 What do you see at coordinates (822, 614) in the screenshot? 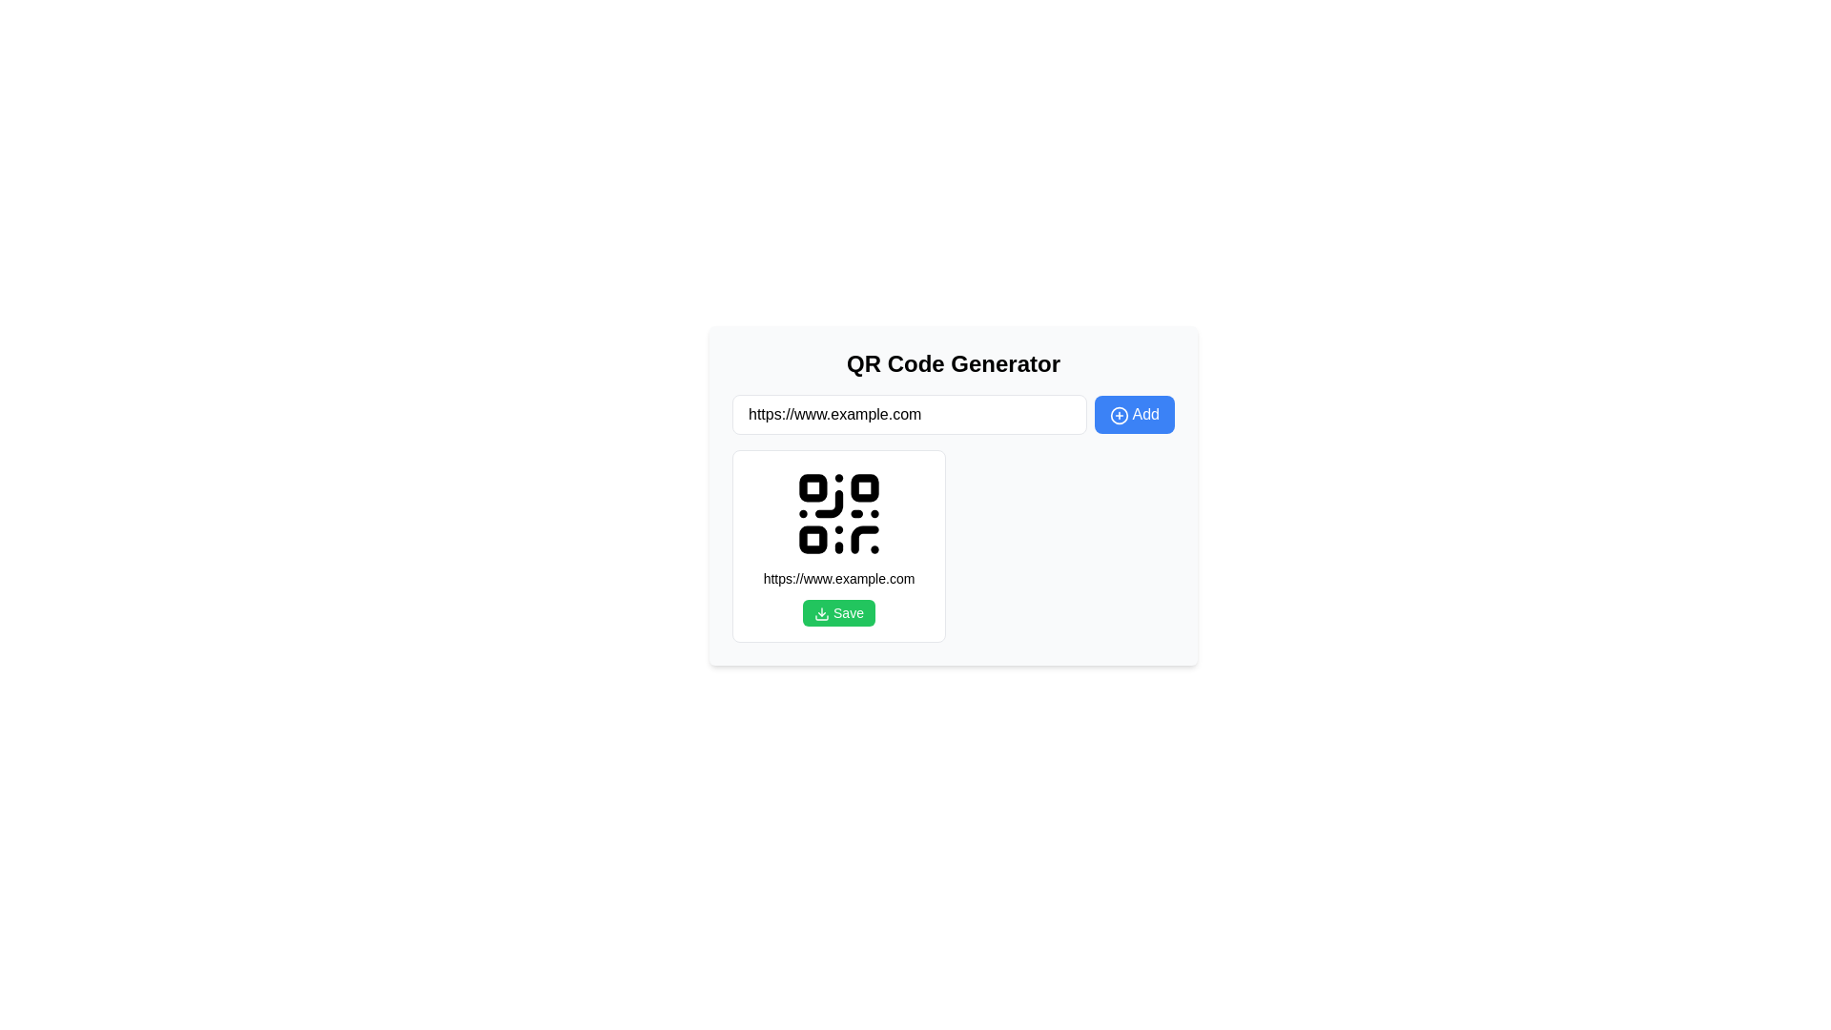
I see `the downward arrow icon within the 'Save' button to visualize any hover effects` at bounding box center [822, 614].